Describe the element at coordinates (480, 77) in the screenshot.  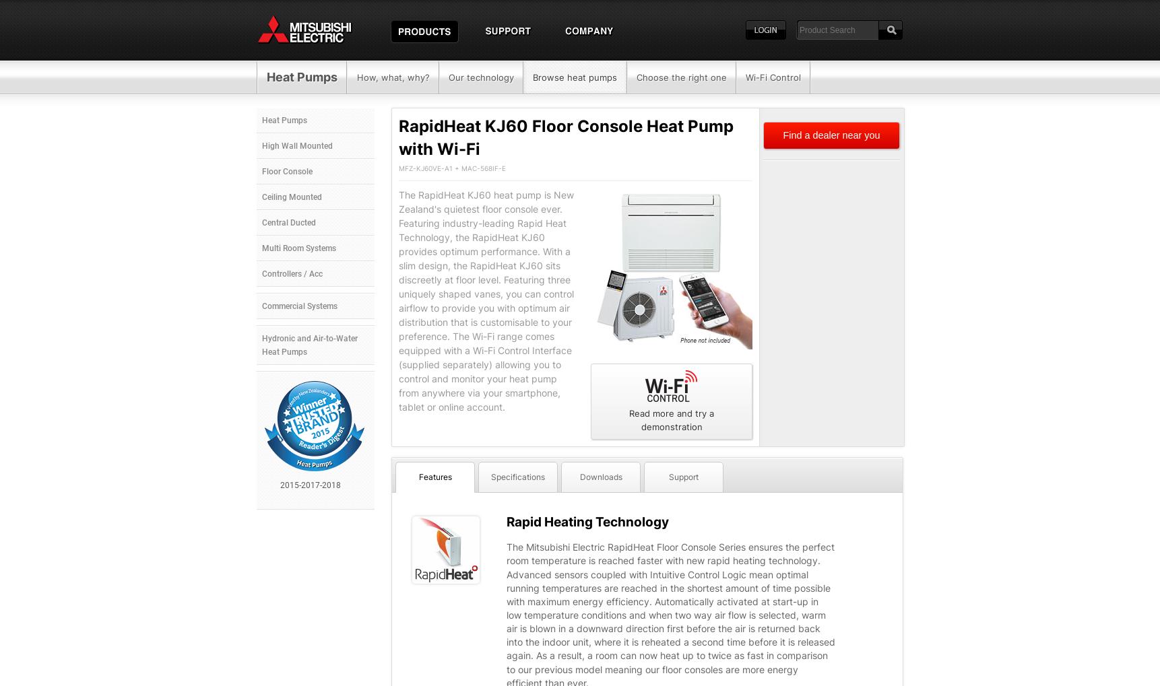
I see `'Our technology'` at that location.